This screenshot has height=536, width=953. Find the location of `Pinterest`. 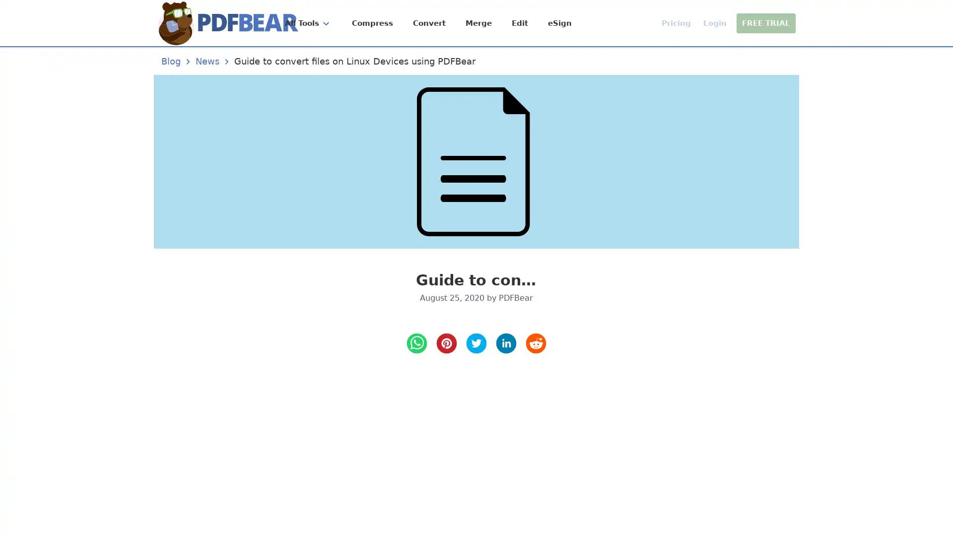

Pinterest is located at coordinates (446, 342).